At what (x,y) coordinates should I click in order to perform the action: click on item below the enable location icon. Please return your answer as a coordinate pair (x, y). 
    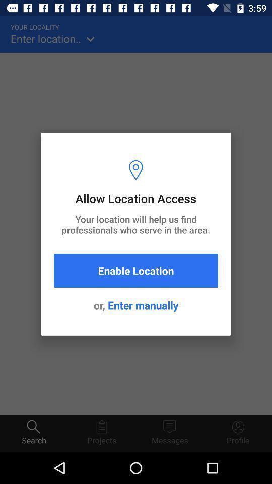
    Looking at the image, I should click on (136, 305).